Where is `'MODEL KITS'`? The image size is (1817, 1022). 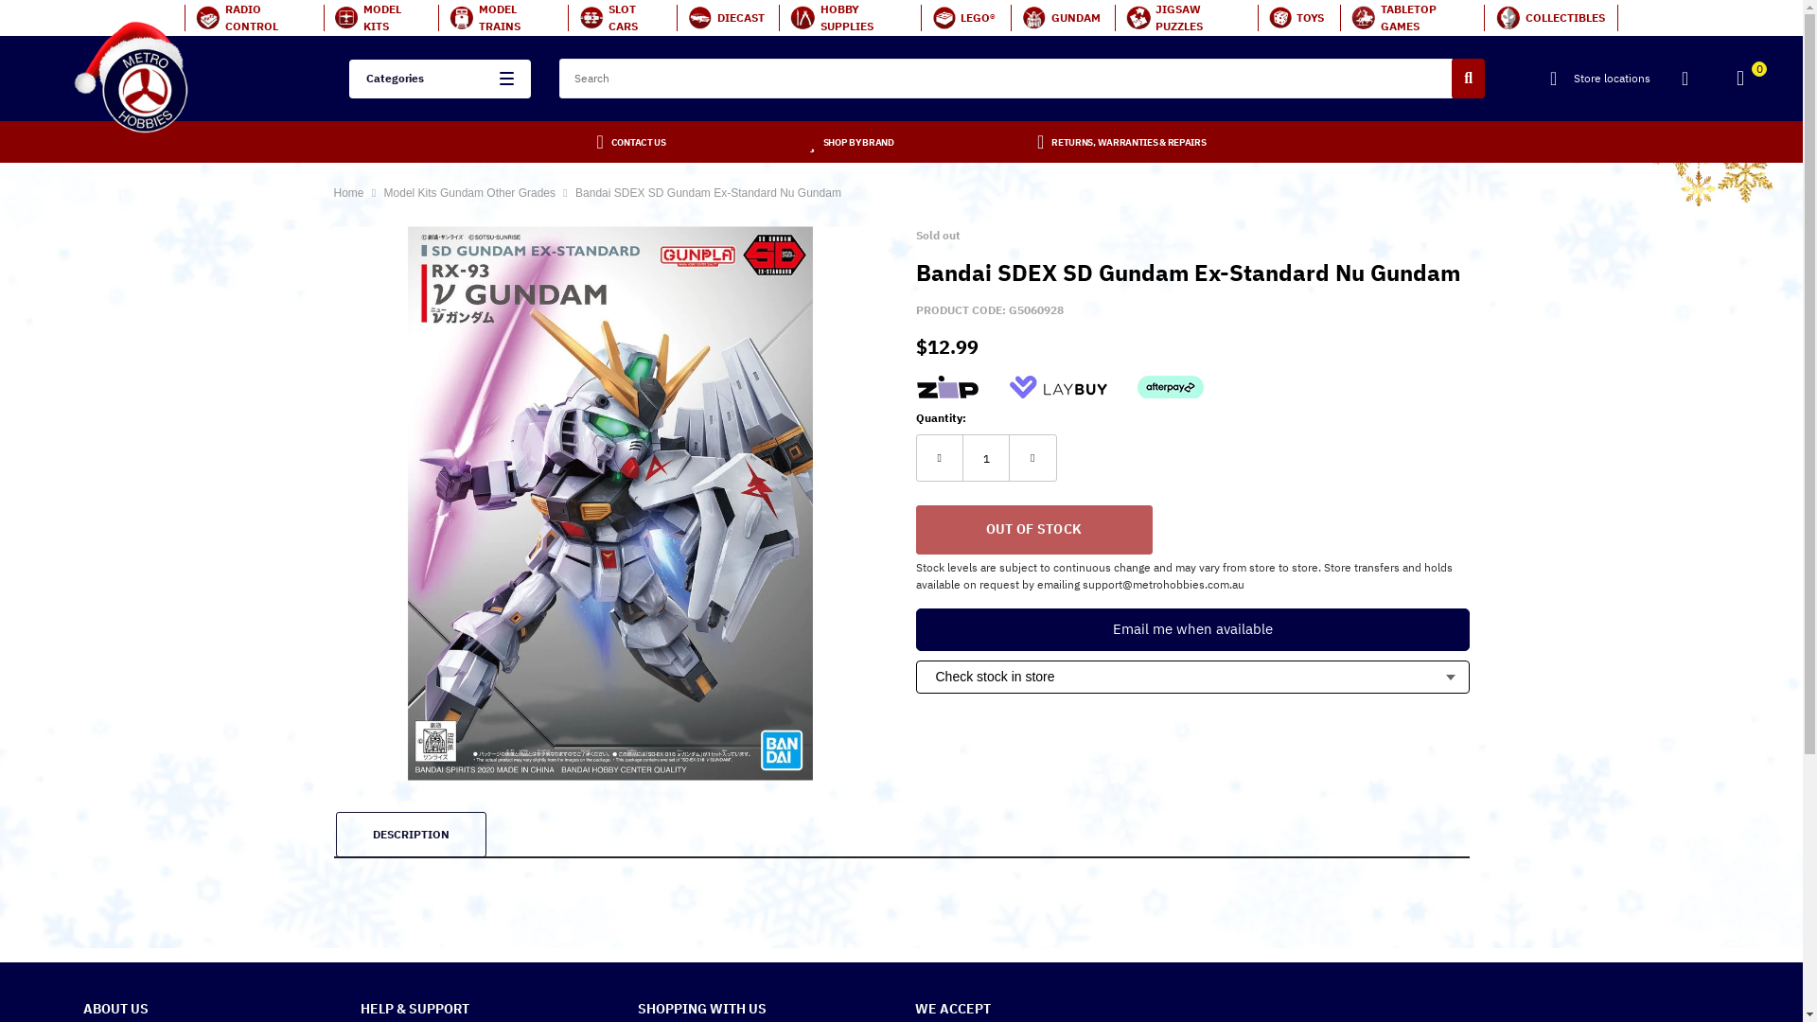
'MODEL KITS' is located at coordinates (379, 18).